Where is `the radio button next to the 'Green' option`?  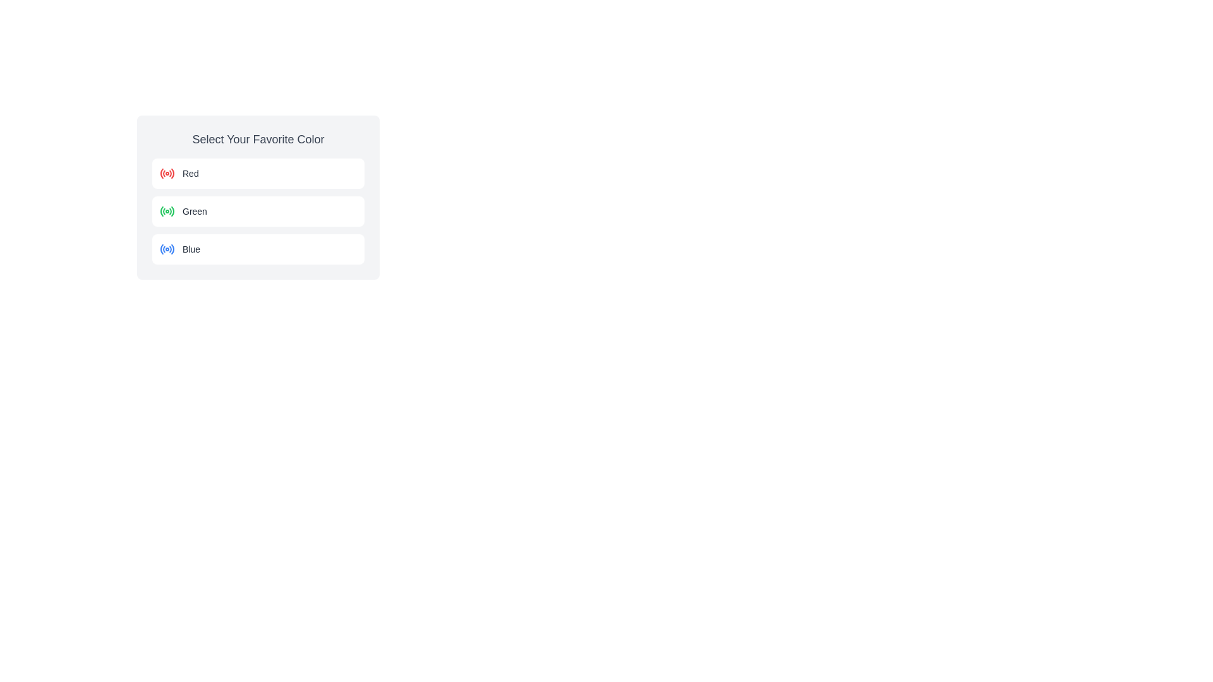
the radio button next to the 'Green' option is located at coordinates (257, 211).